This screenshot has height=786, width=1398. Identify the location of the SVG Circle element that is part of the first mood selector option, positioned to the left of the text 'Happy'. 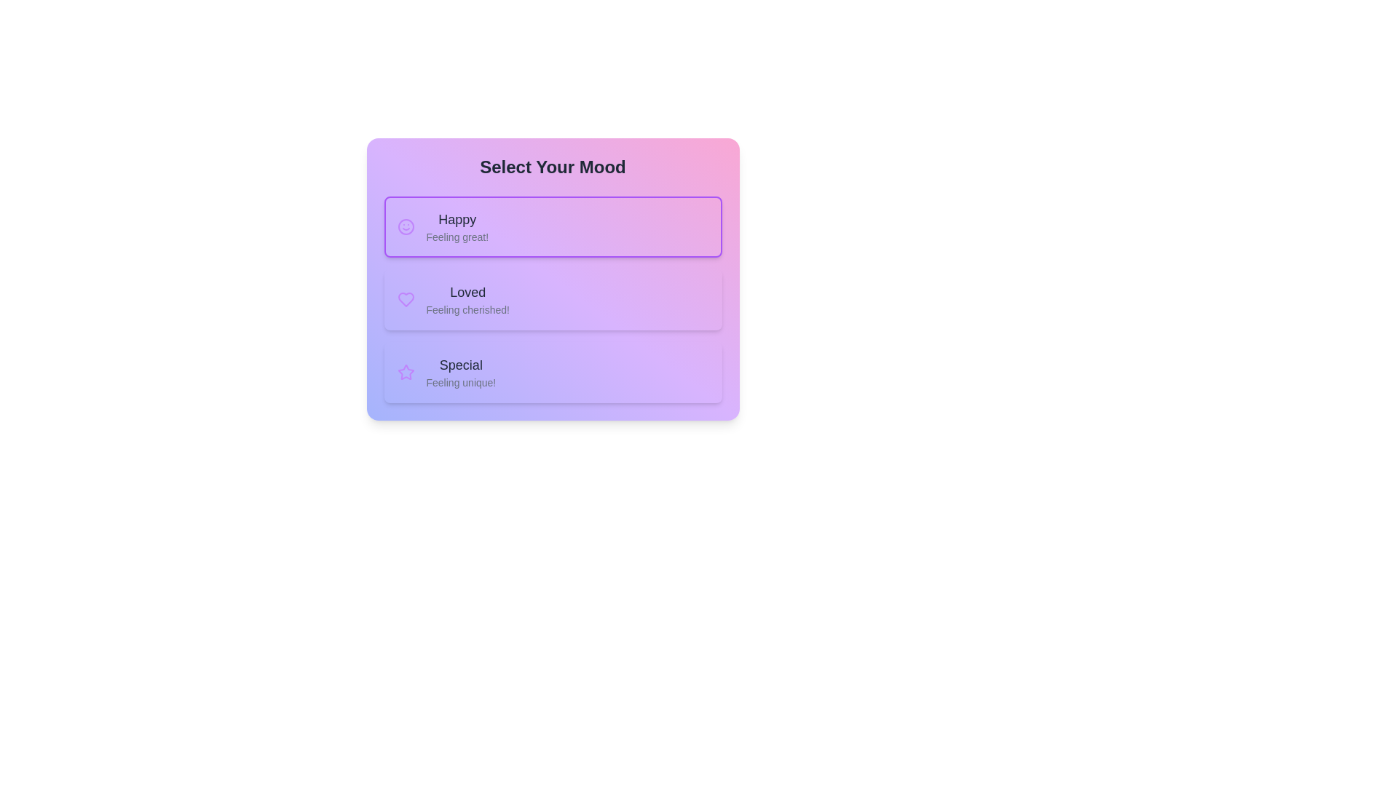
(406, 227).